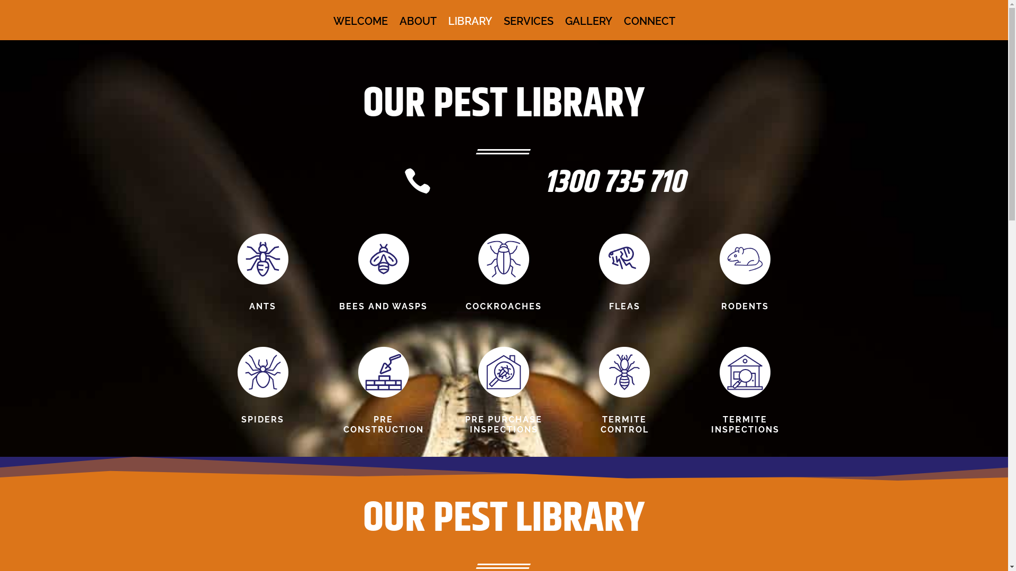  Describe the element at coordinates (360, 28) in the screenshot. I see `'WELCOME'` at that location.